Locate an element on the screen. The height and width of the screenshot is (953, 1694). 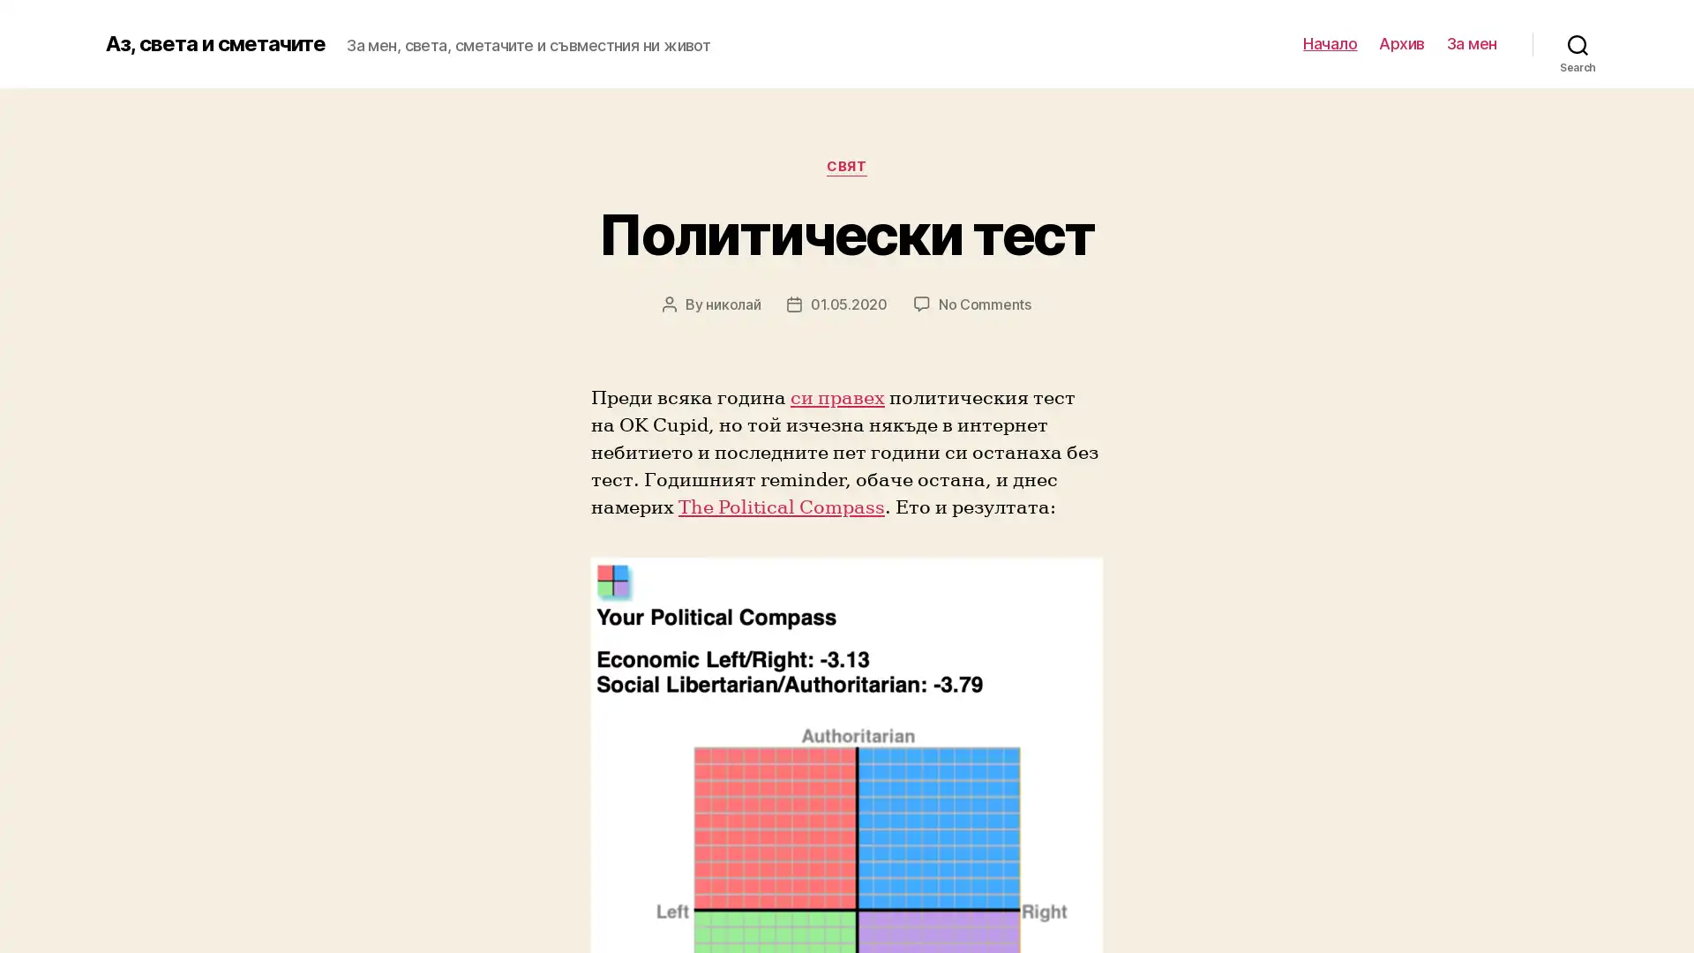
Search is located at coordinates (1578, 43).